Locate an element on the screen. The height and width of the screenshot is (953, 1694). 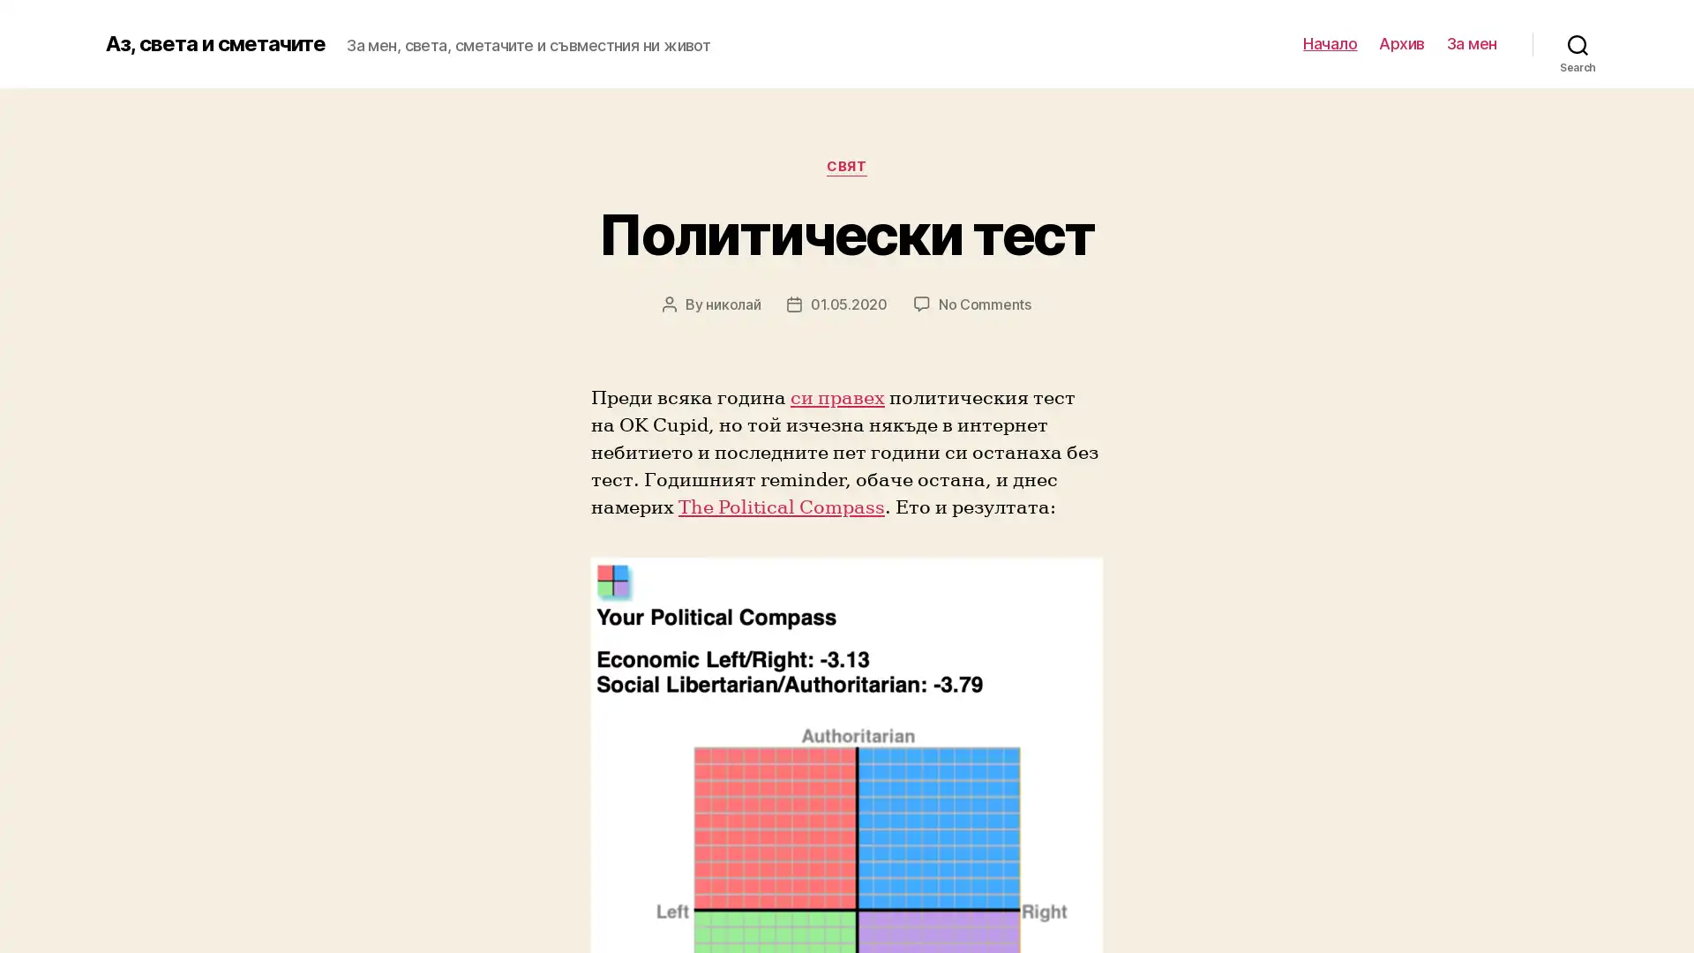
Search is located at coordinates (1578, 43).